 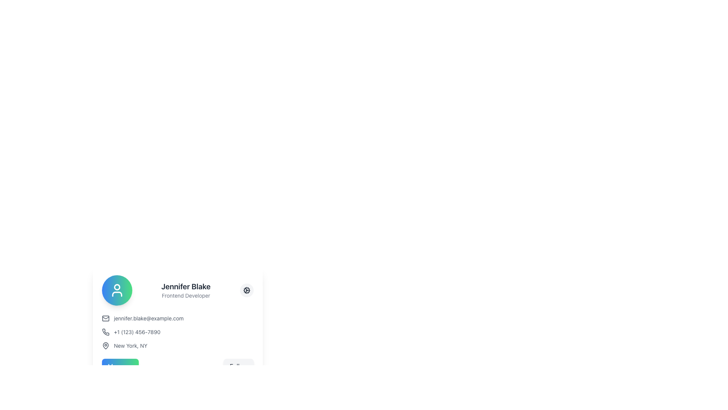 I want to click on the user profile SVG icon located in the upper-left corner of the card layout, so click(x=116, y=290).